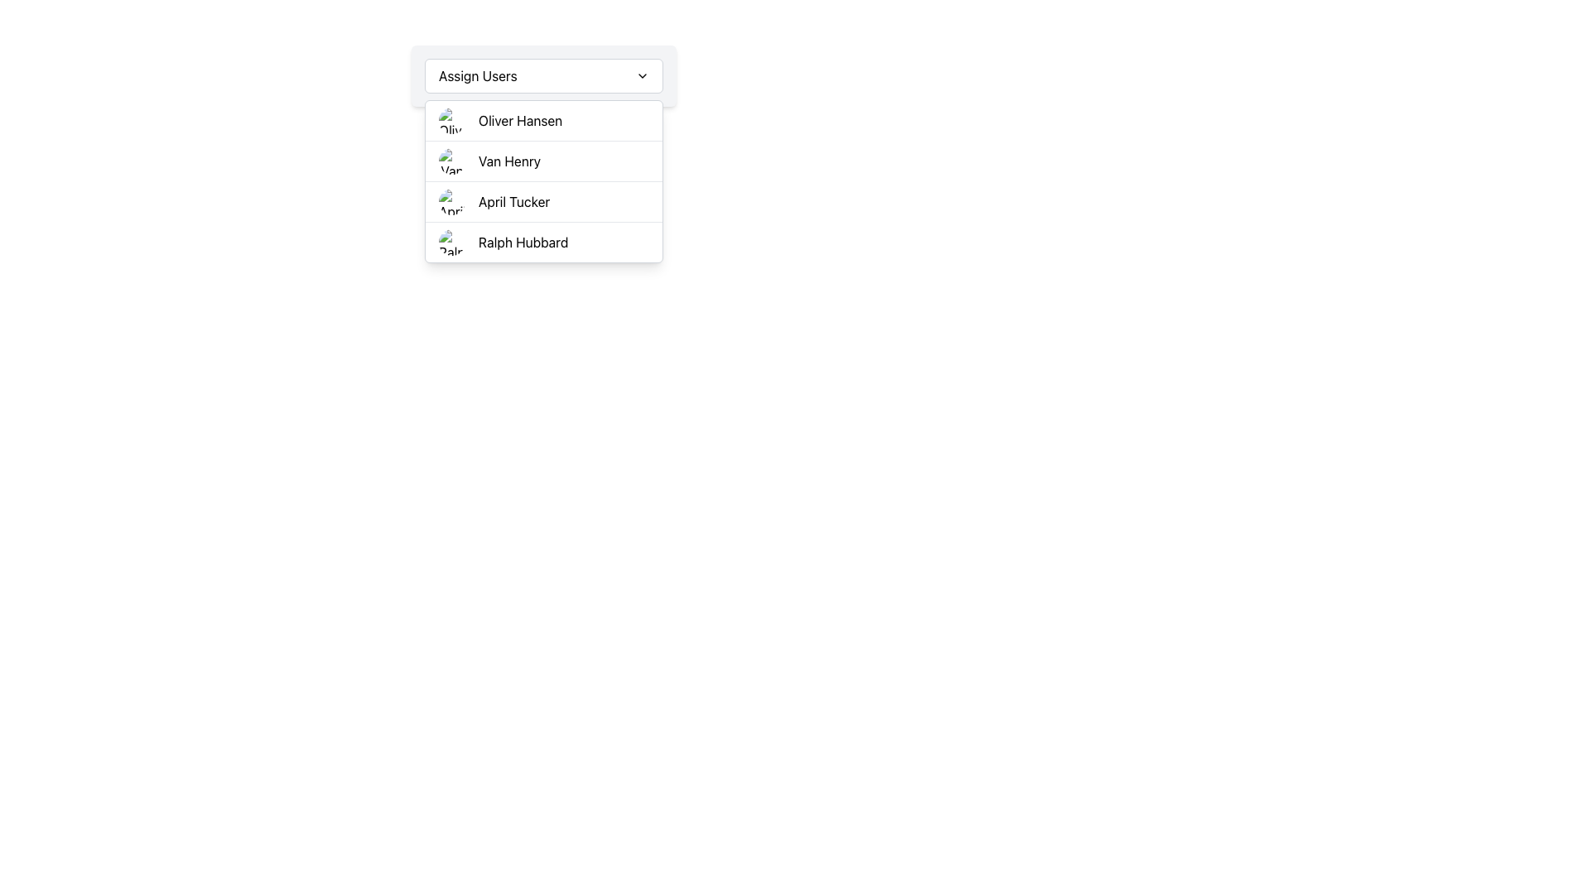 This screenshot has height=894, width=1590. I want to click on the image representing user 'April Tucker', so click(452, 200).